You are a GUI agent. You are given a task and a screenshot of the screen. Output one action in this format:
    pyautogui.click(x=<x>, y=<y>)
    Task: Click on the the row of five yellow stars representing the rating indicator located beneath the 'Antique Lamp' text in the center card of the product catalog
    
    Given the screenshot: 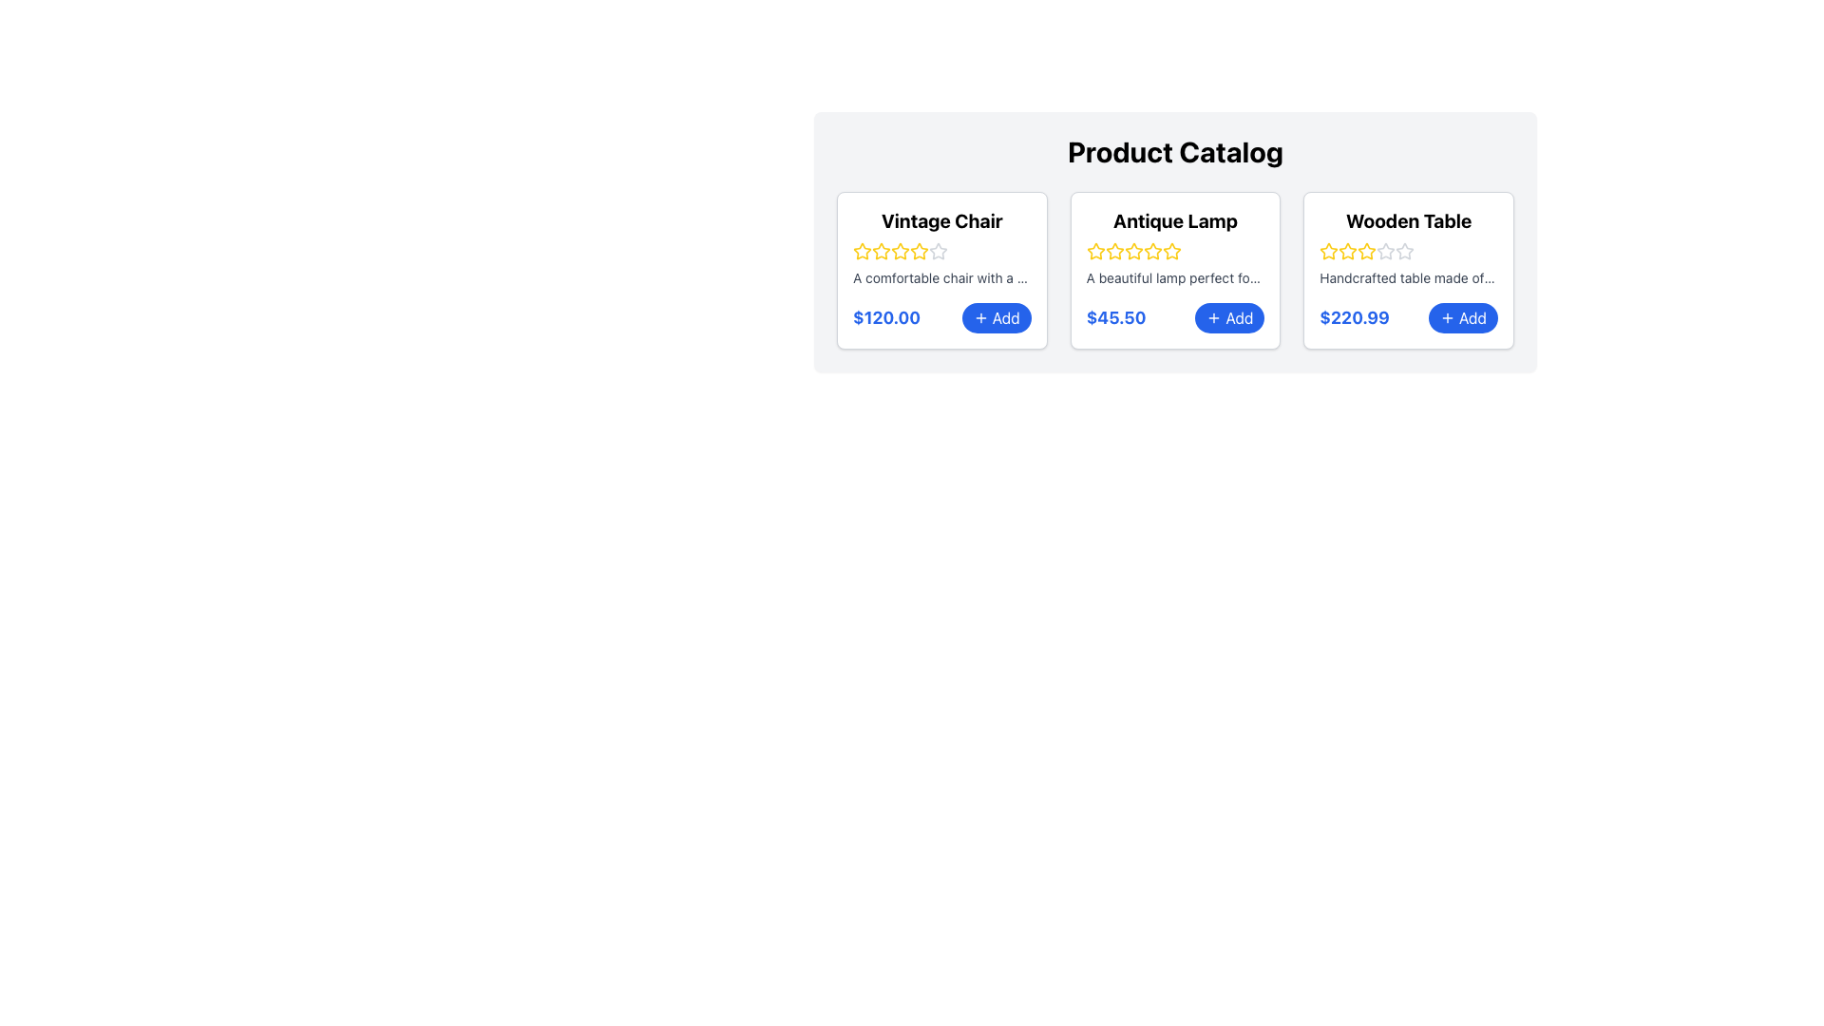 What is the action you would take?
    pyautogui.click(x=1174, y=251)
    